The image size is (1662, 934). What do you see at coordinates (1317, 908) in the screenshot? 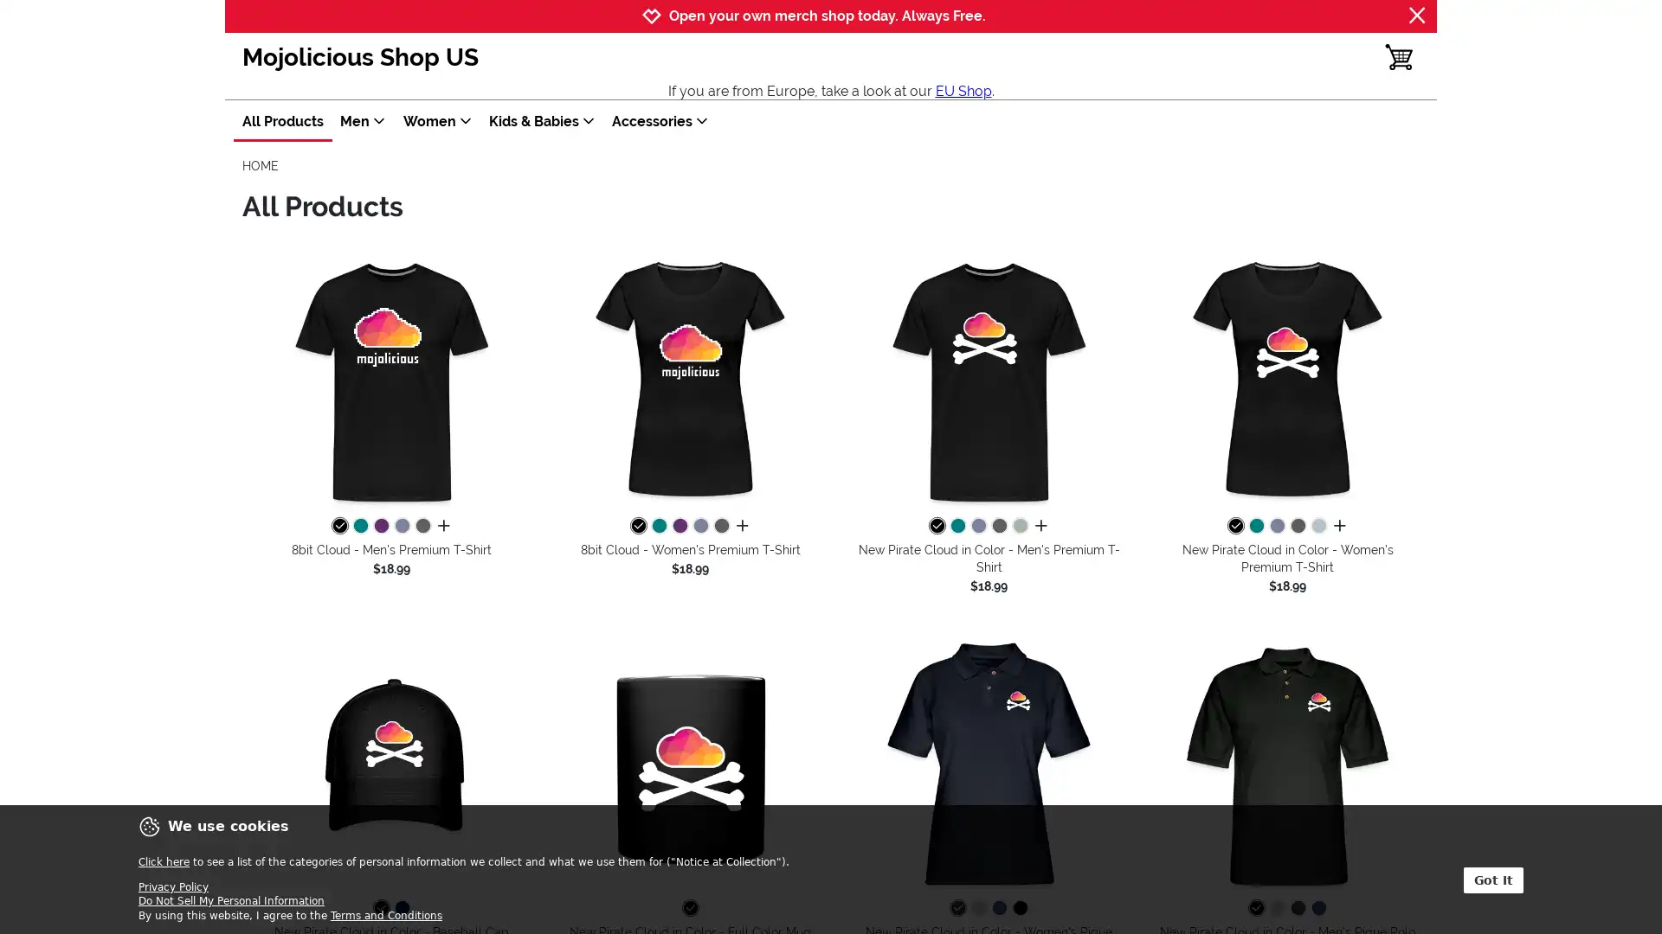
I see `royal blue` at bounding box center [1317, 908].